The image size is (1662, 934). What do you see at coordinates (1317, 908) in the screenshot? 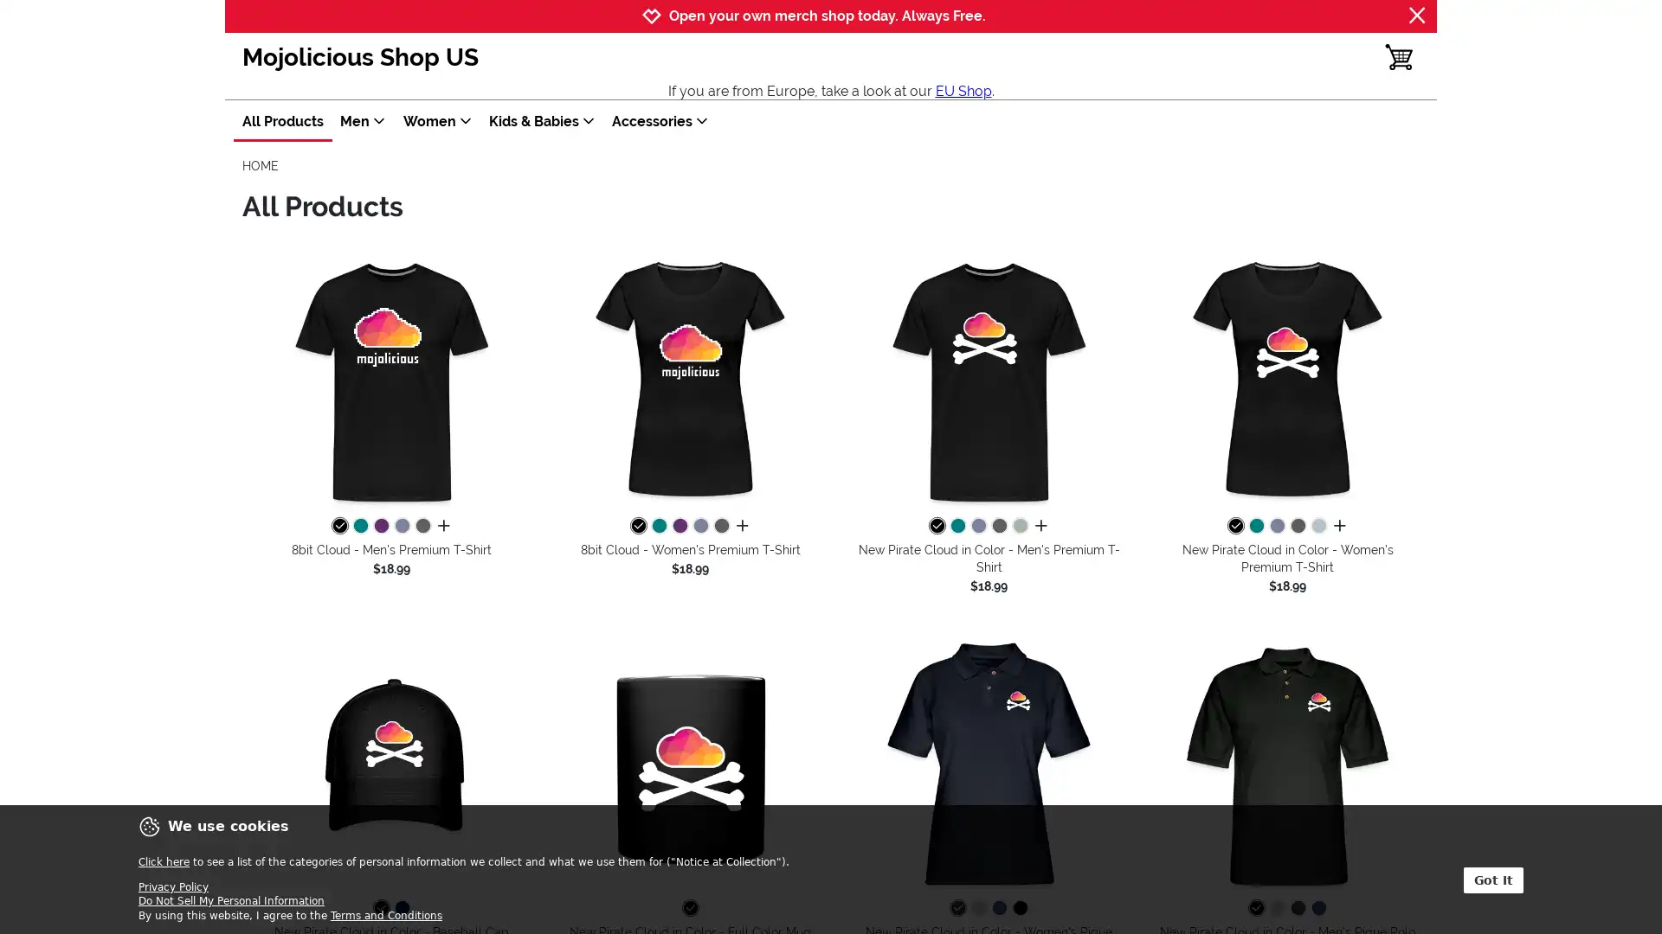
I see `royal blue` at bounding box center [1317, 908].